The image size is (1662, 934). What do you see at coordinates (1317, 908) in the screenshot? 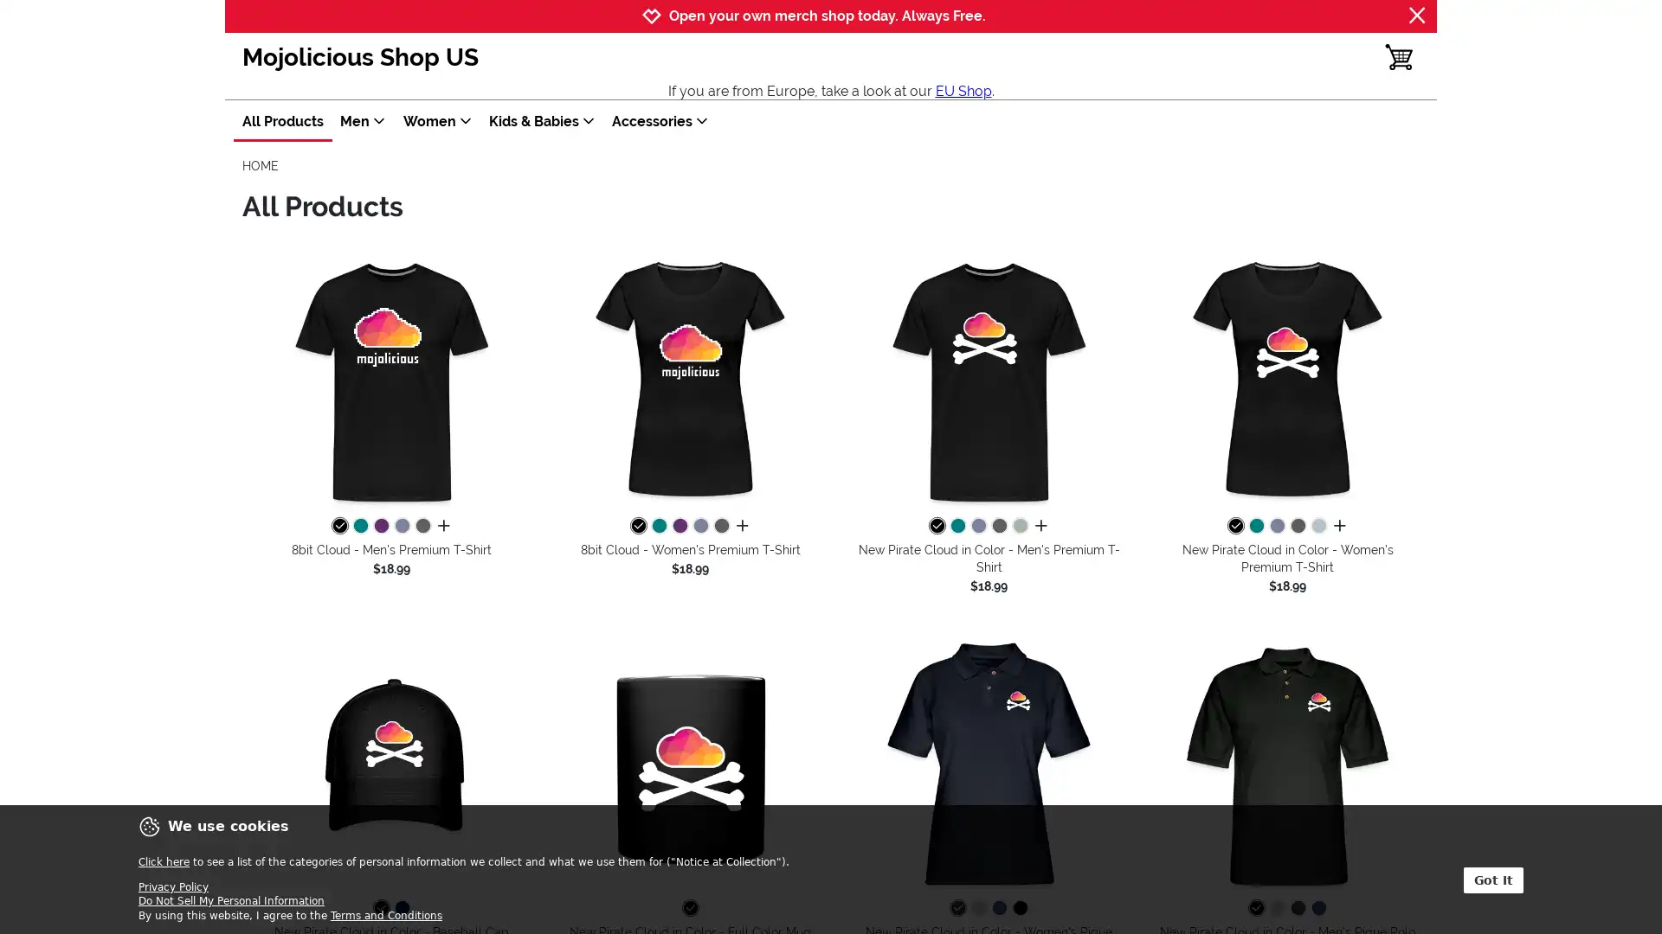
I see `royal blue` at bounding box center [1317, 908].